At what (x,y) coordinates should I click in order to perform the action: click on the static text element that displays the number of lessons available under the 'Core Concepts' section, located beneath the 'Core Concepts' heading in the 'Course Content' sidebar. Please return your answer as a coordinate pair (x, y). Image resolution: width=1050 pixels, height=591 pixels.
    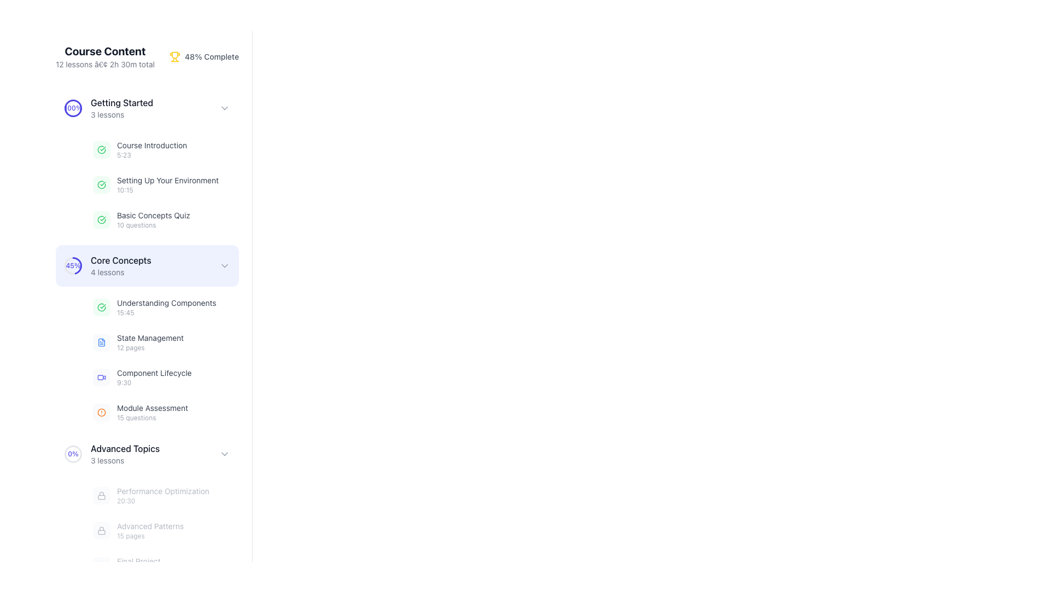
    Looking at the image, I should click on (121, 271).